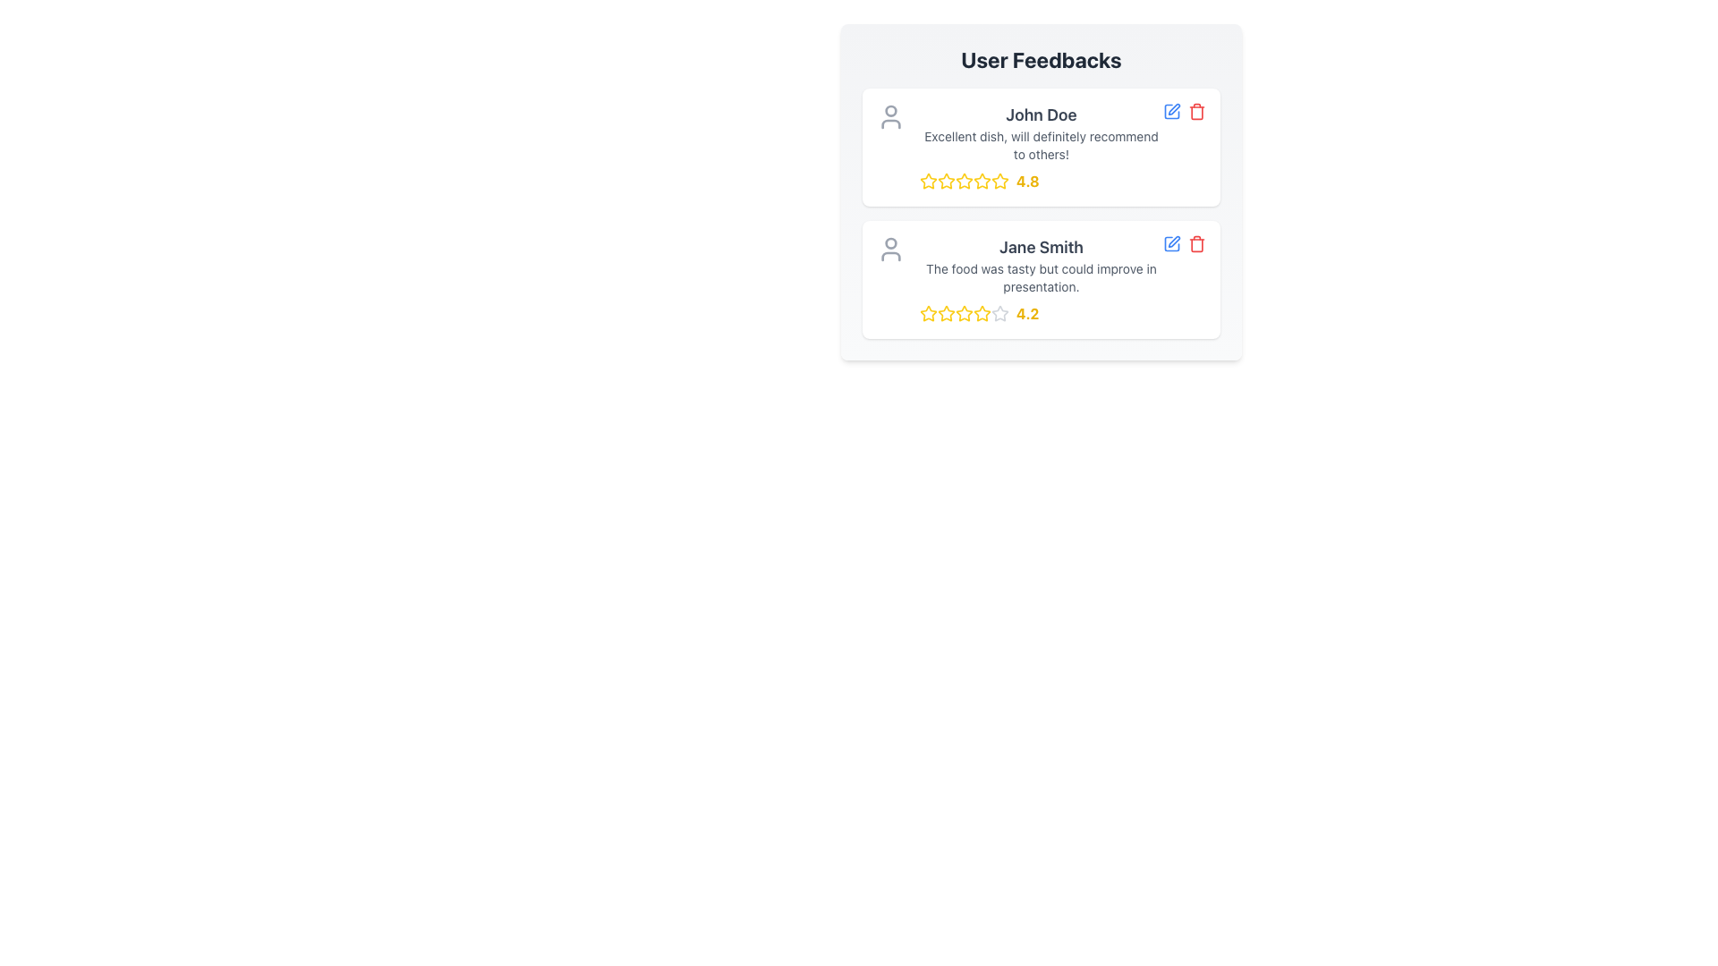  What do you see at coordinates (982, 182) in the screenshot?
I see `the sixth star icon representing the user's rating for John Doe's feedback` at bounding box center [982, 182].